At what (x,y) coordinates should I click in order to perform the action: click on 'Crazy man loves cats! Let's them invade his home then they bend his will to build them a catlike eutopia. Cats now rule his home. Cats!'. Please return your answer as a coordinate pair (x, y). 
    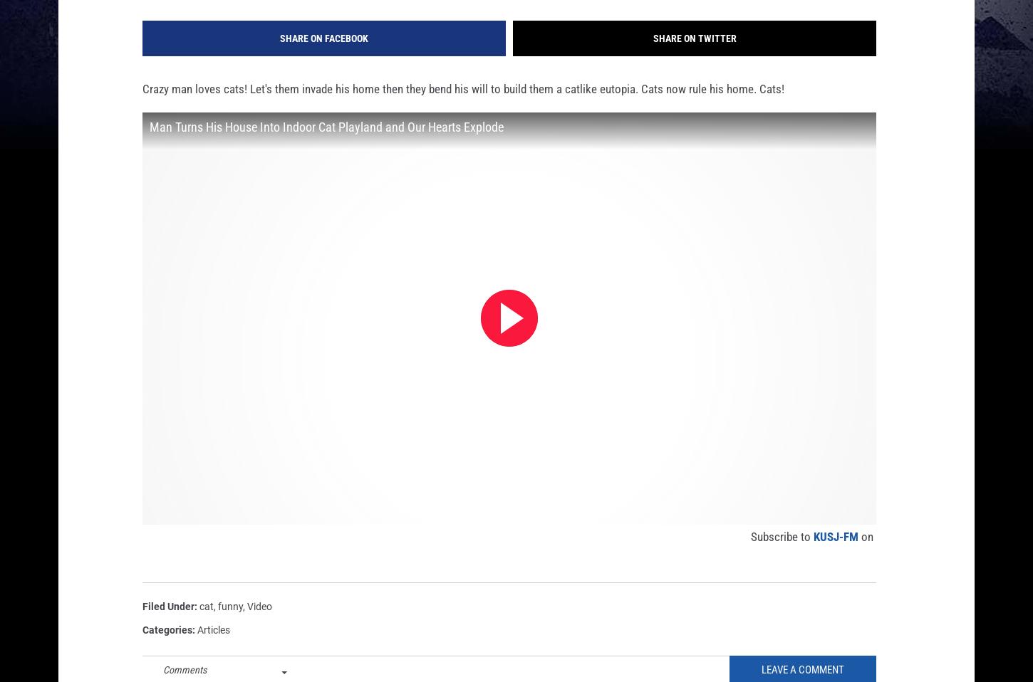
    Looking at the image, I should click on (462, 112).